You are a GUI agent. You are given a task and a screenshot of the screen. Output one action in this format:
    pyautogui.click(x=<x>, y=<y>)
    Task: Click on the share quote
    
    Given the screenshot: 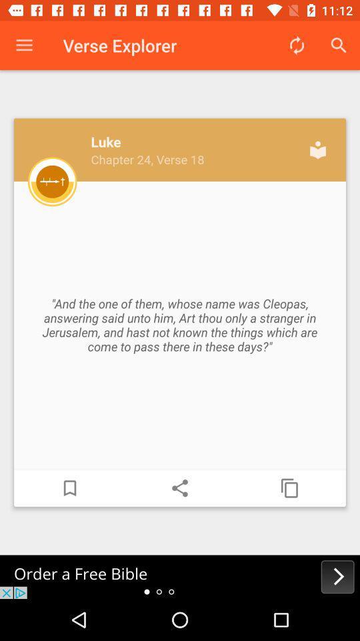 What is the action you would take?
    pyautogui.click(x=180, y=487)
    